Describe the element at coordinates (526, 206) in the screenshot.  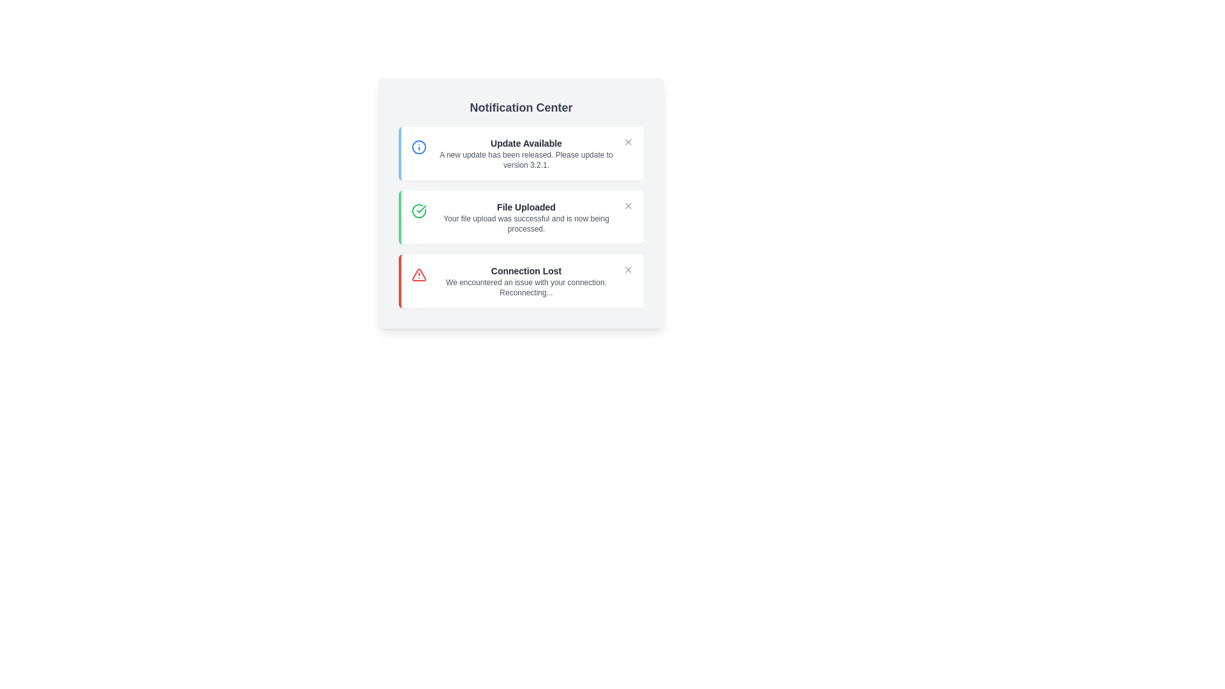
I see `the text label displaying 'File Uploaded' in bold, dark gray color, located at the top section of the notification card in the Notification Center` at that location.